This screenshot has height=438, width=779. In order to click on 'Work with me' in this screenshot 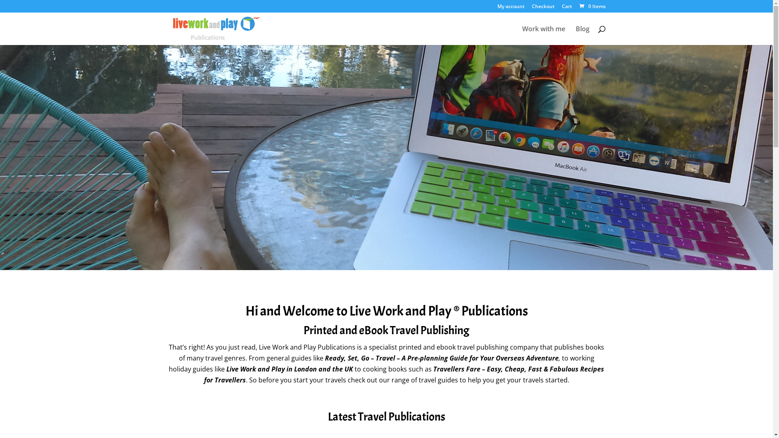, I will do `click(522, 35)`.